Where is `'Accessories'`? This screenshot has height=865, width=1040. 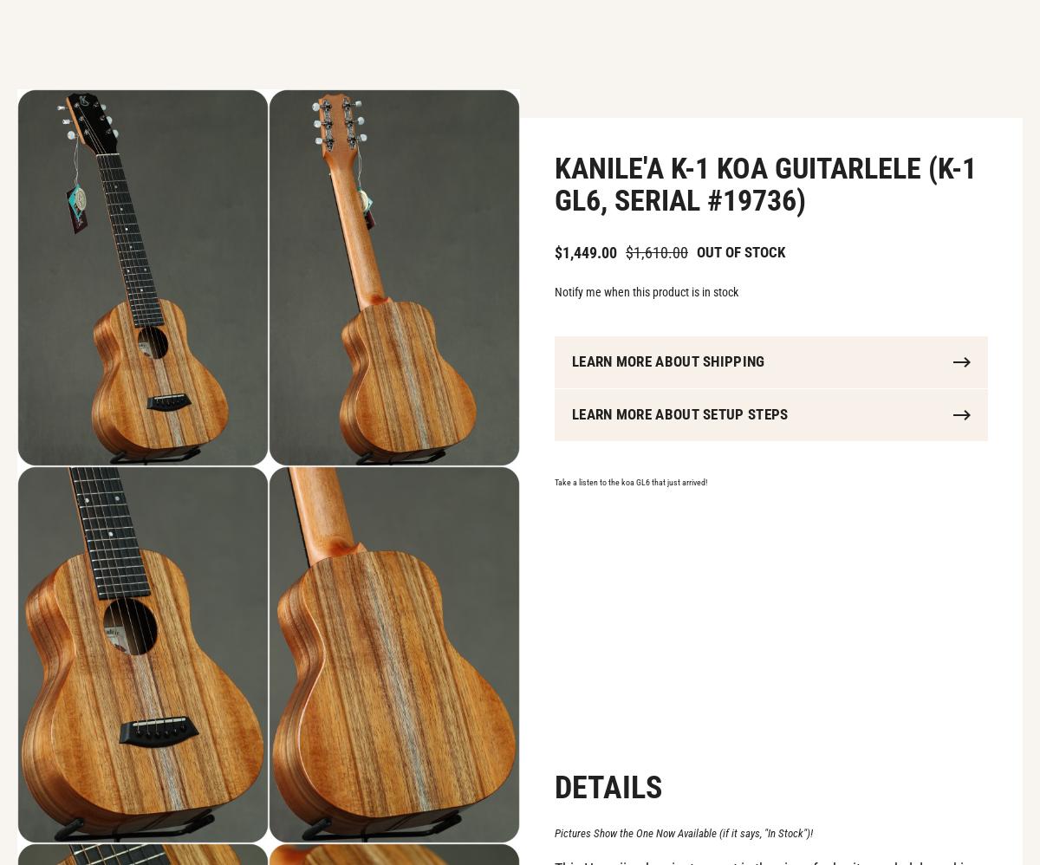 'Accessories' is located at coordinates (328, 43).